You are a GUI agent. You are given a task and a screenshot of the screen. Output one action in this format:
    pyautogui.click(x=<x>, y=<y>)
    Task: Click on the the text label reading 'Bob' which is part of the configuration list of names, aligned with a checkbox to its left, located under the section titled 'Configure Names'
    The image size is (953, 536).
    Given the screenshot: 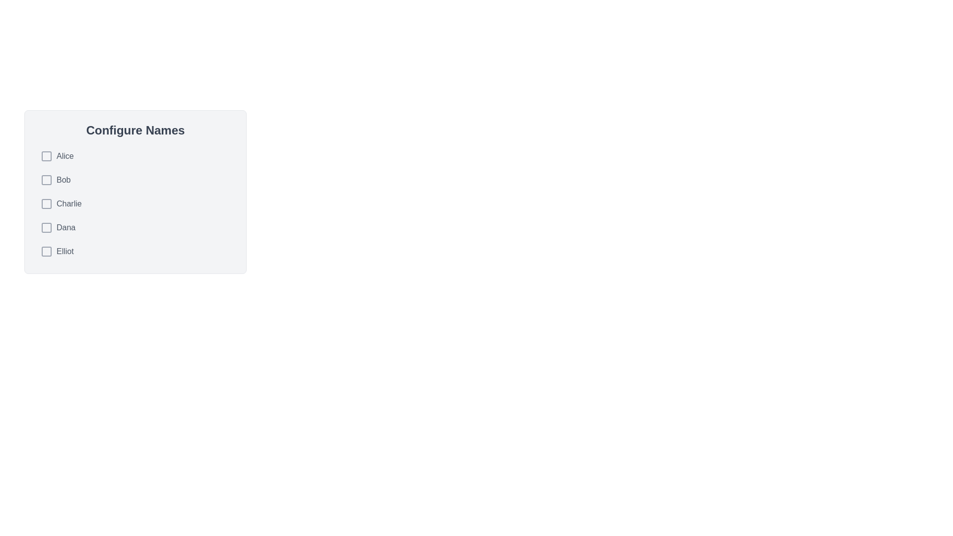 What is the action you would take?
    pyautogui.click(x=63, y=180)
    